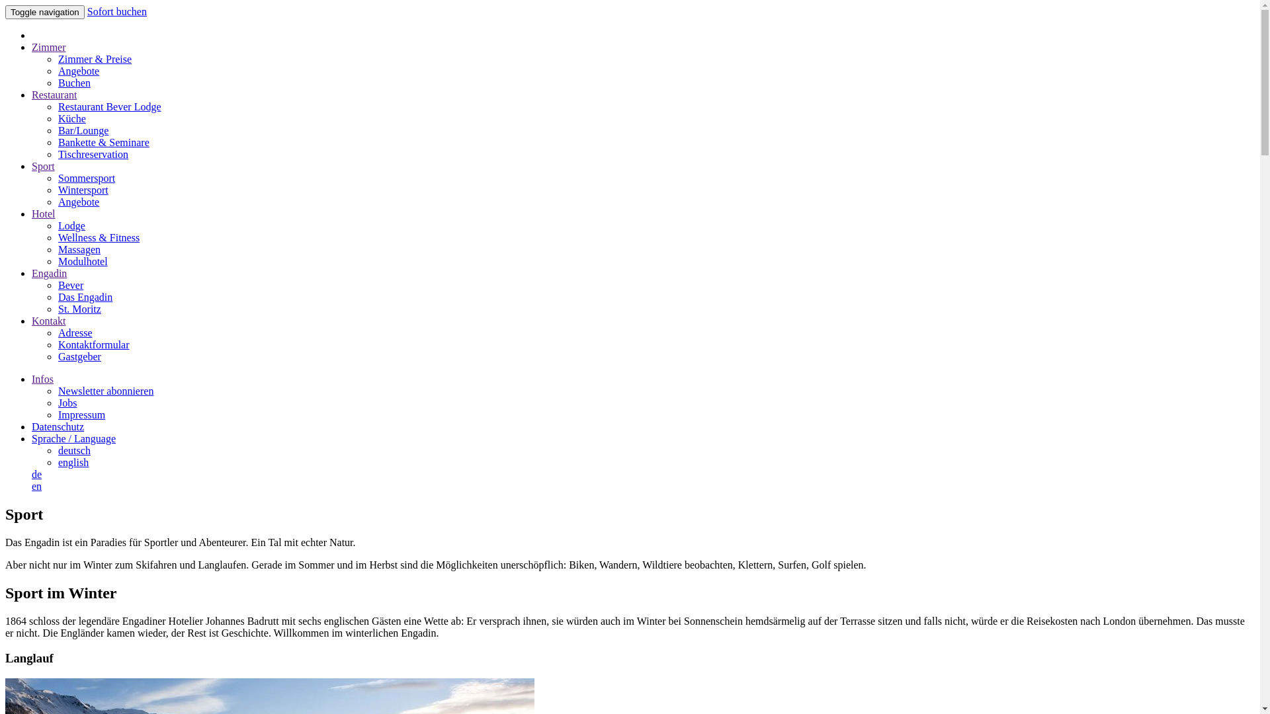 The width and height of the screenshot is (1270, 714). Describe the element at coordinates (79, 309) in the screenshot. I see `'St. Moritz'` at that location.